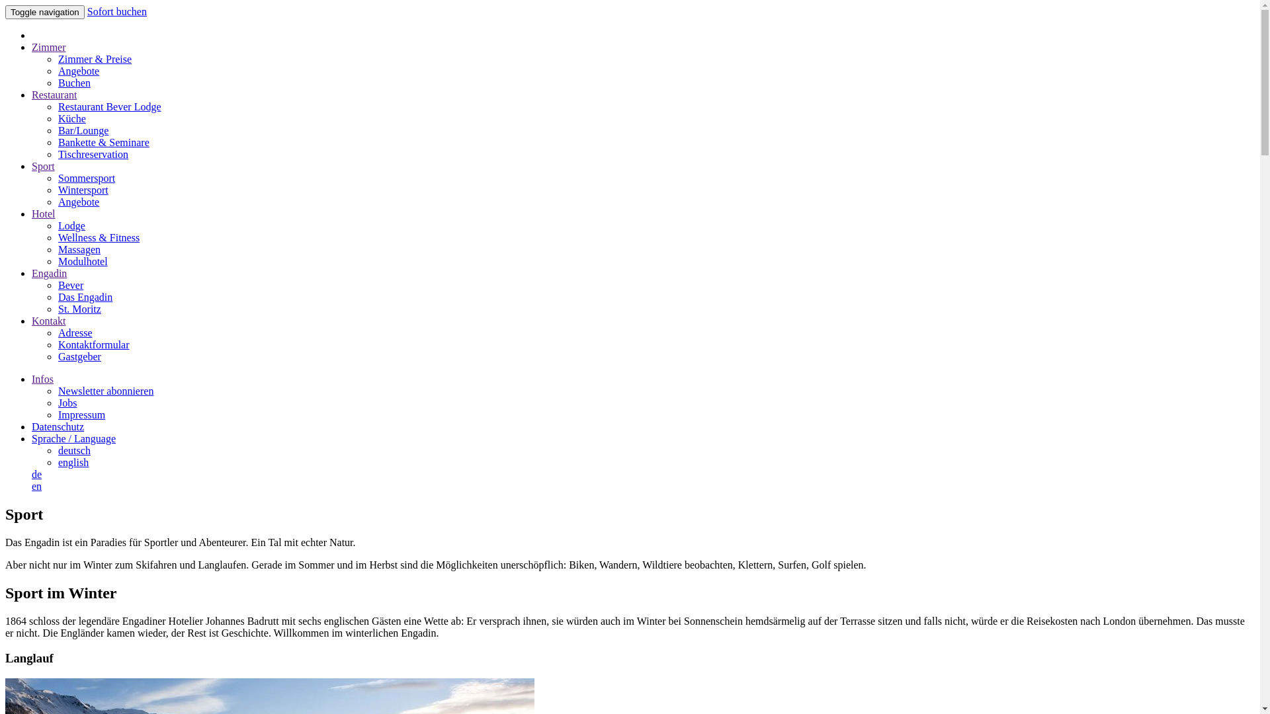 The width and height of the screenshot is (1270, 714). Describe the element at coordinates (79, 309) in the screenshot. I see `'St. Moritz'` at that location.